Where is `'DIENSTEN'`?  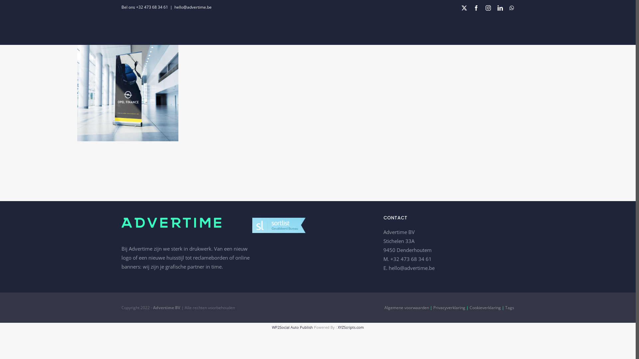
'DIENSTEN' is located at coordinates (337, 29).